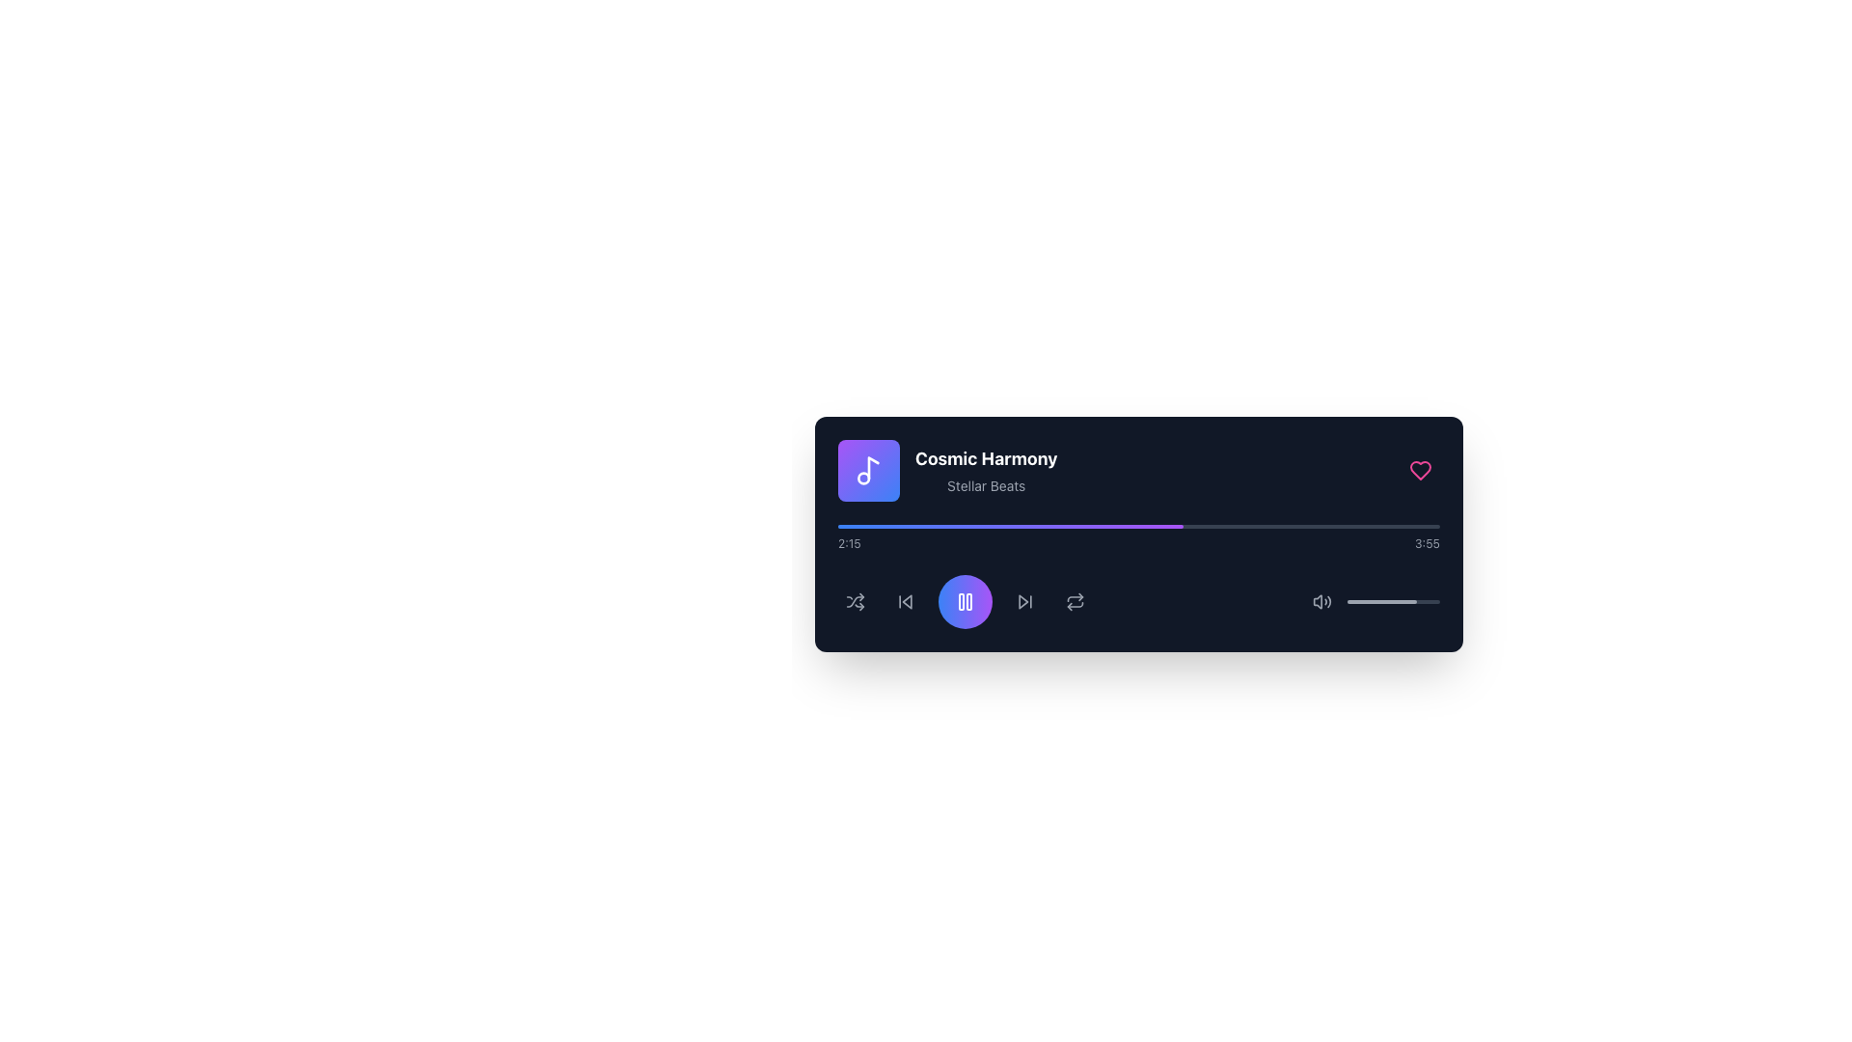 This screenshot has width=1852, height=1042. Describe the element at coordinates (867, 527) in the screenshot. I see `the current playback position` at that location.